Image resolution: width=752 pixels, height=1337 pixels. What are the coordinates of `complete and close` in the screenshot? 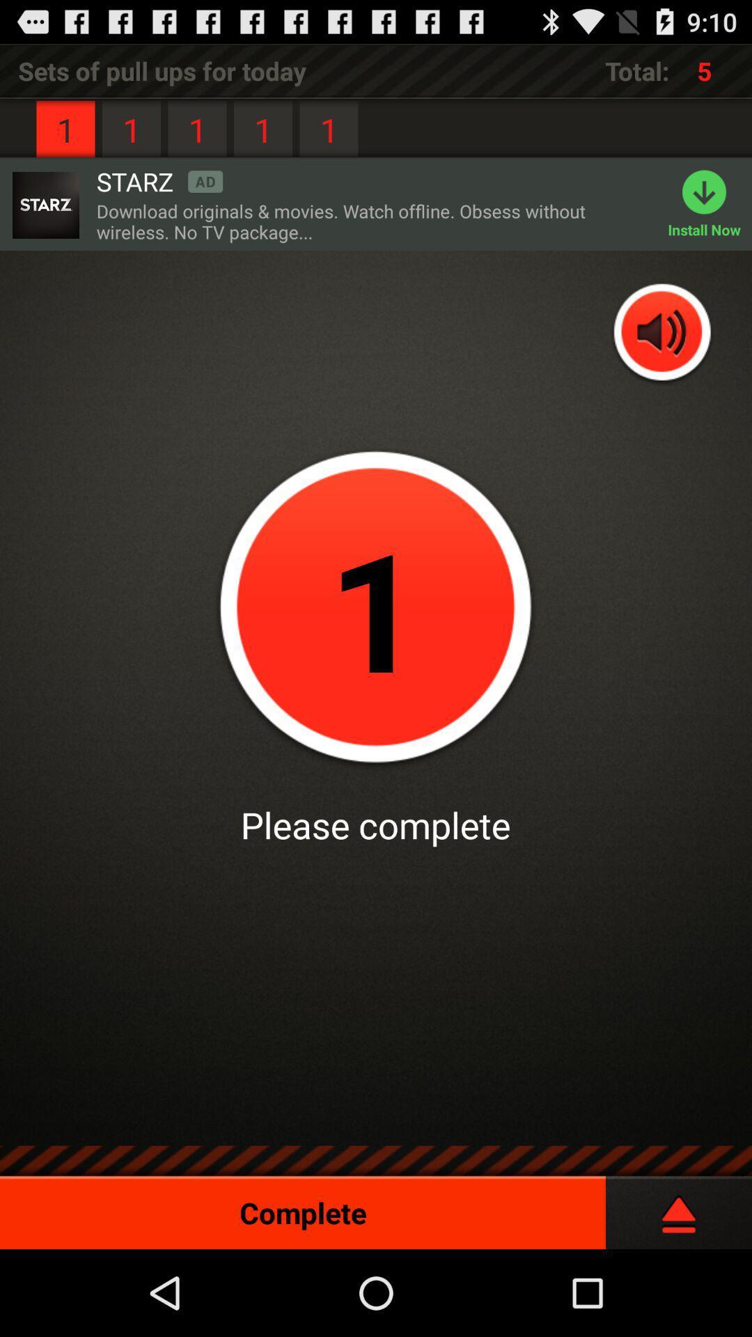 It's located at (678, 1206).